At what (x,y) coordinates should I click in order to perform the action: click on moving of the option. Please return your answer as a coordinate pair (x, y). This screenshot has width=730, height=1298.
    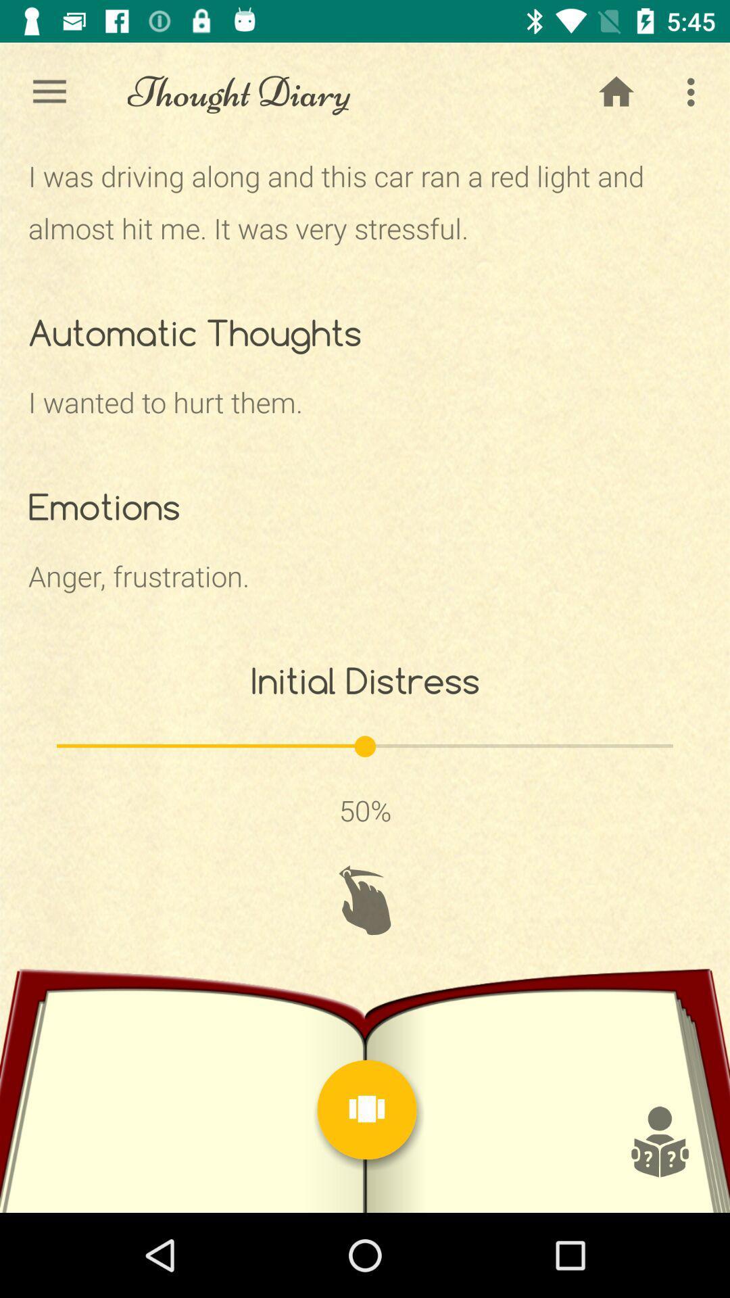
    Looking at the image, I should click on (365, 900).